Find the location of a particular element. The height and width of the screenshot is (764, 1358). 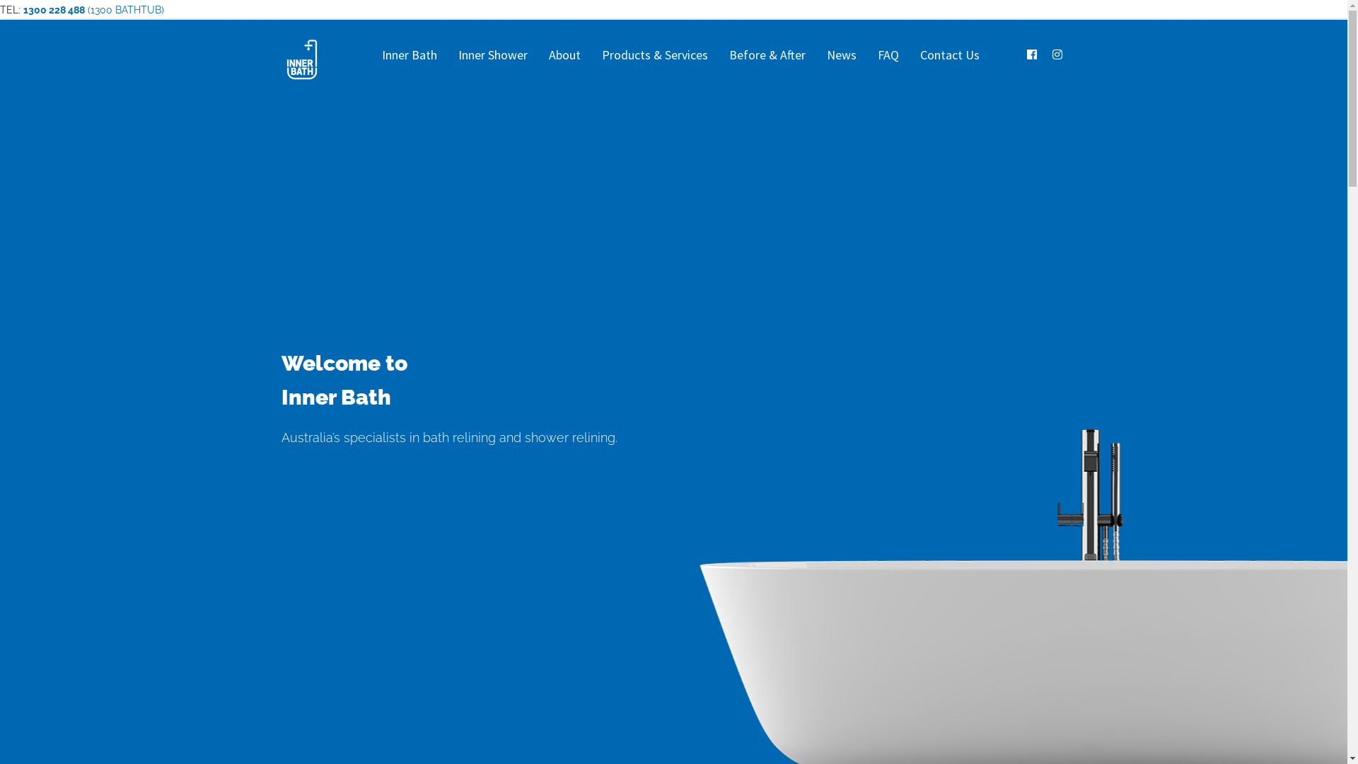

'About' is located at coordinates (563, 54).